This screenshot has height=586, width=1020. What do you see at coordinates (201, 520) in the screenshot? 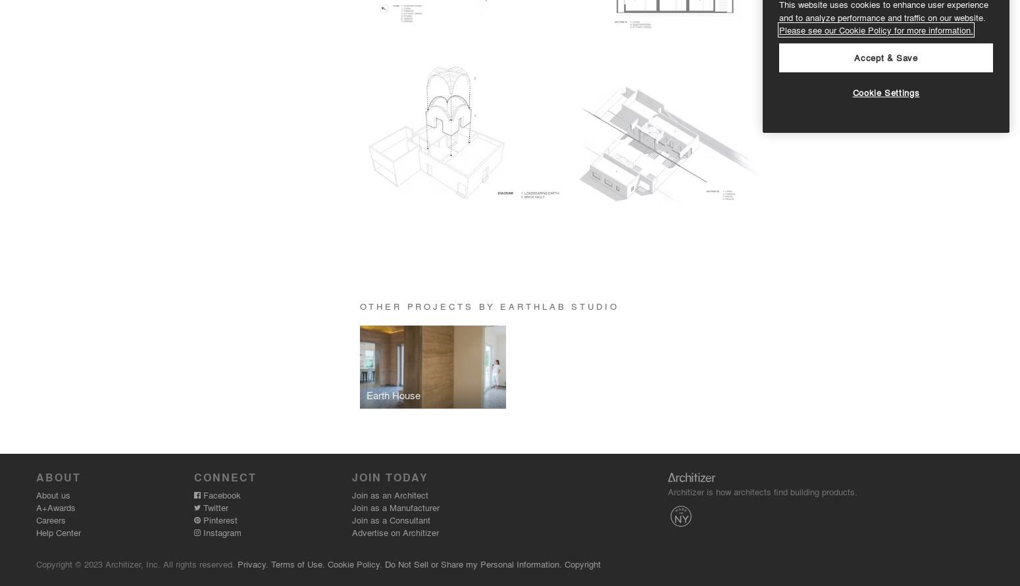
I see `'Pinterest'` at bounding box center [201, 520].